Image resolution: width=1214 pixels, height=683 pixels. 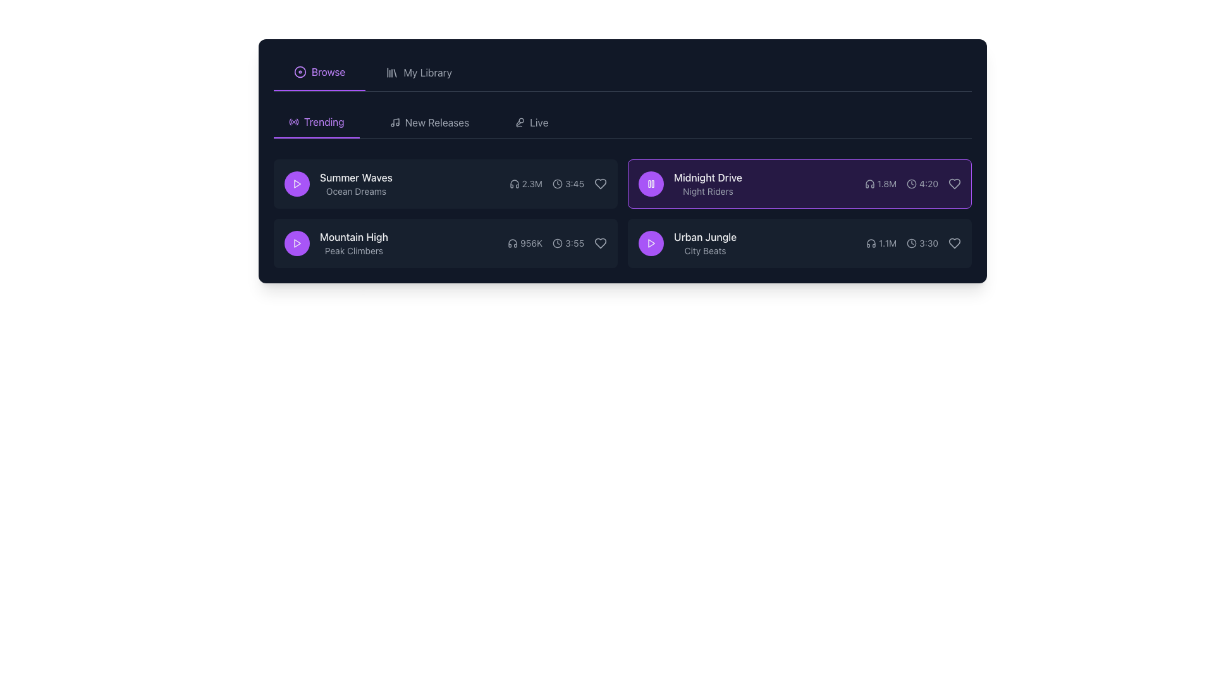 What do you see at coordinates (353, 237) in the screenshot?
I see `text label located in the 'Trending' section, specifically the second item of the list above the description labeled 'Peak Climbers'` at bounding box center [353, 237].